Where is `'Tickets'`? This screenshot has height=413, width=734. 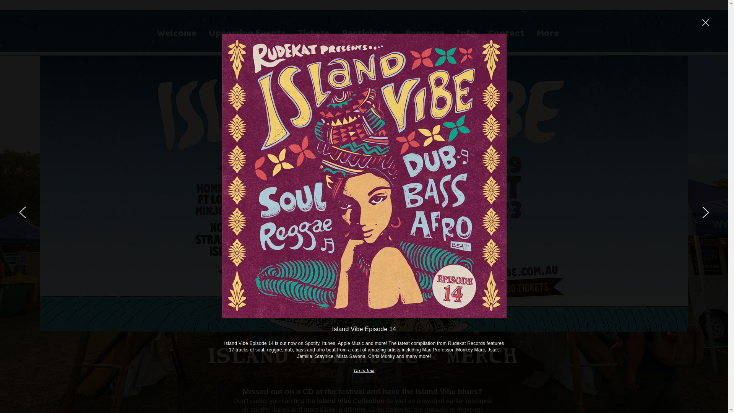
'Tickets' is located at coordinates (313, 32).